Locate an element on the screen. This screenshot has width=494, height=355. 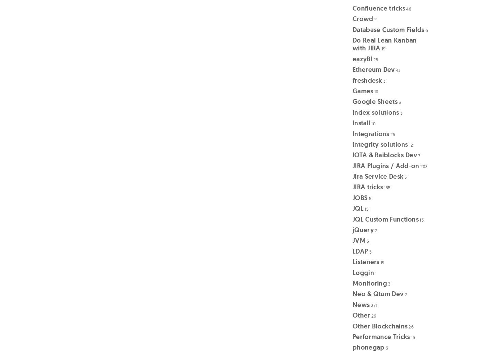
'46' is located at coordinates (408, 8).